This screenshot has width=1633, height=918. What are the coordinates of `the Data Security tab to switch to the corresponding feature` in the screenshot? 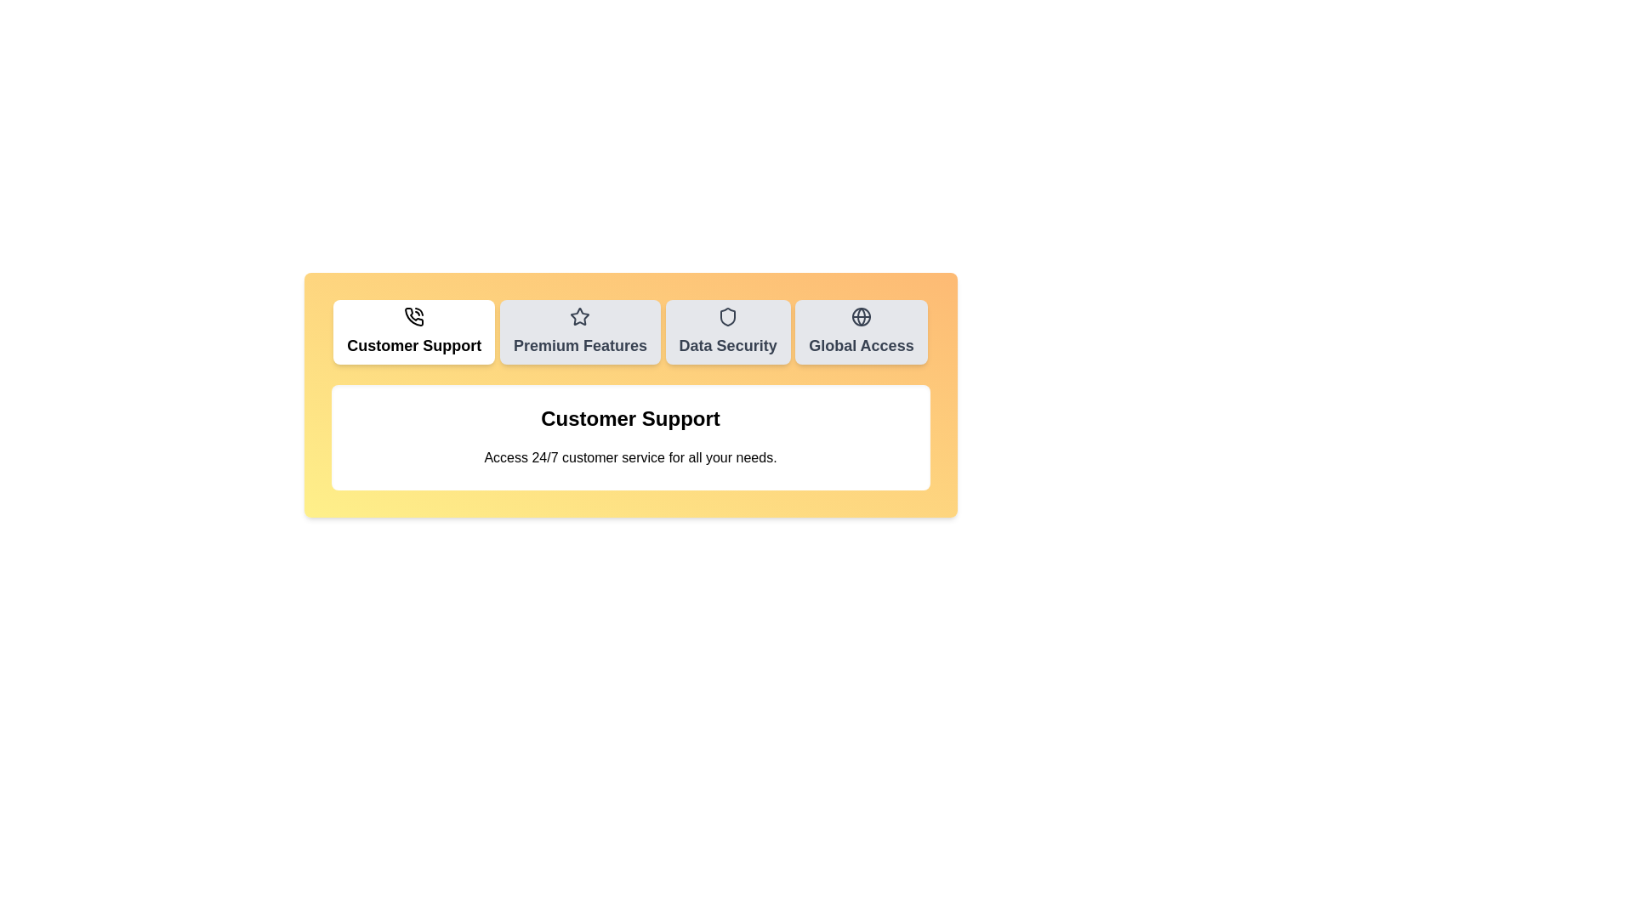 It's located at (728, 331).